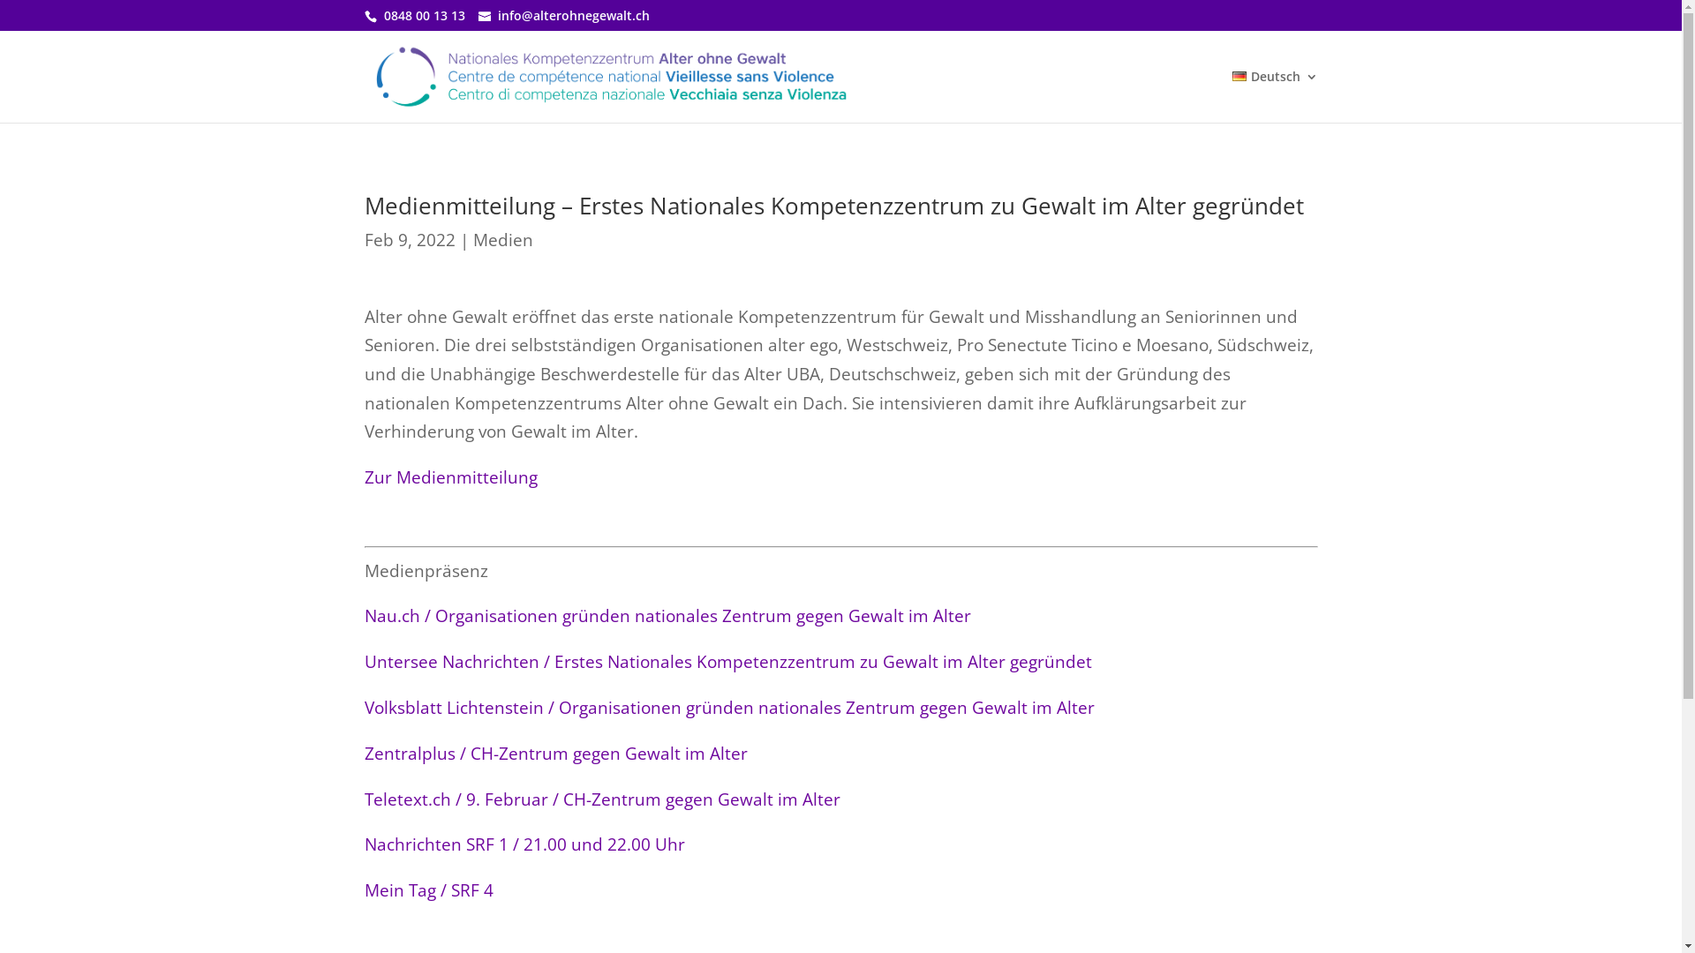  What do you see at coordinates (502, 239) in the screenshot?
I see `'Medien'` at bounding box center [502, 239].